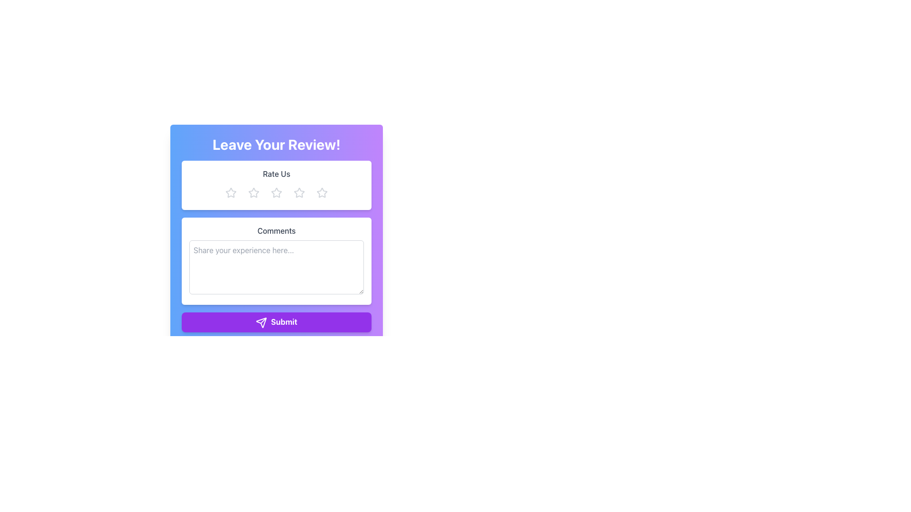 The height and width of the screenshot is (512, 911). What do you see at coordinates (253, 192) in the screenshot?
I see `the second star button in the rating system located under the 'Rate Us' heading` at bounding box center [253, 192].